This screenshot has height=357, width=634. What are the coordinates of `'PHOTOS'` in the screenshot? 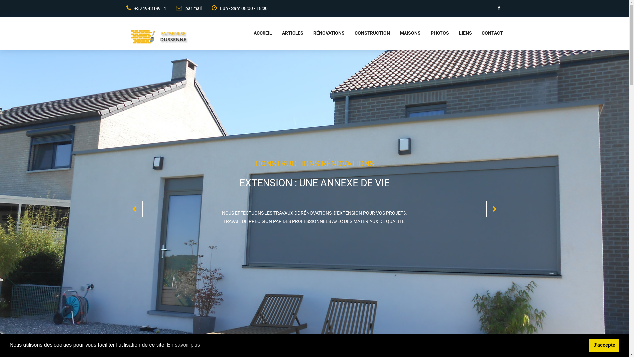 It's located at (435, 33).